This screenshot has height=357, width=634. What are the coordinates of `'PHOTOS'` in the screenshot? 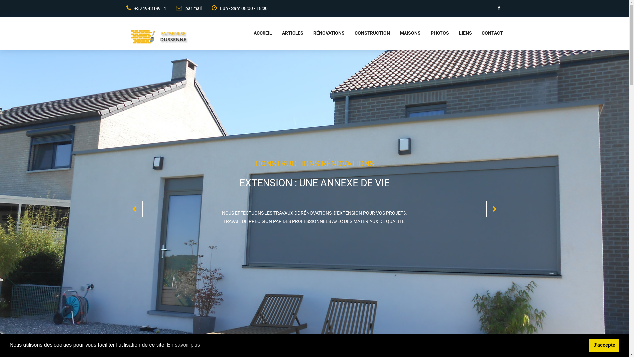 It's located at (435, 33).